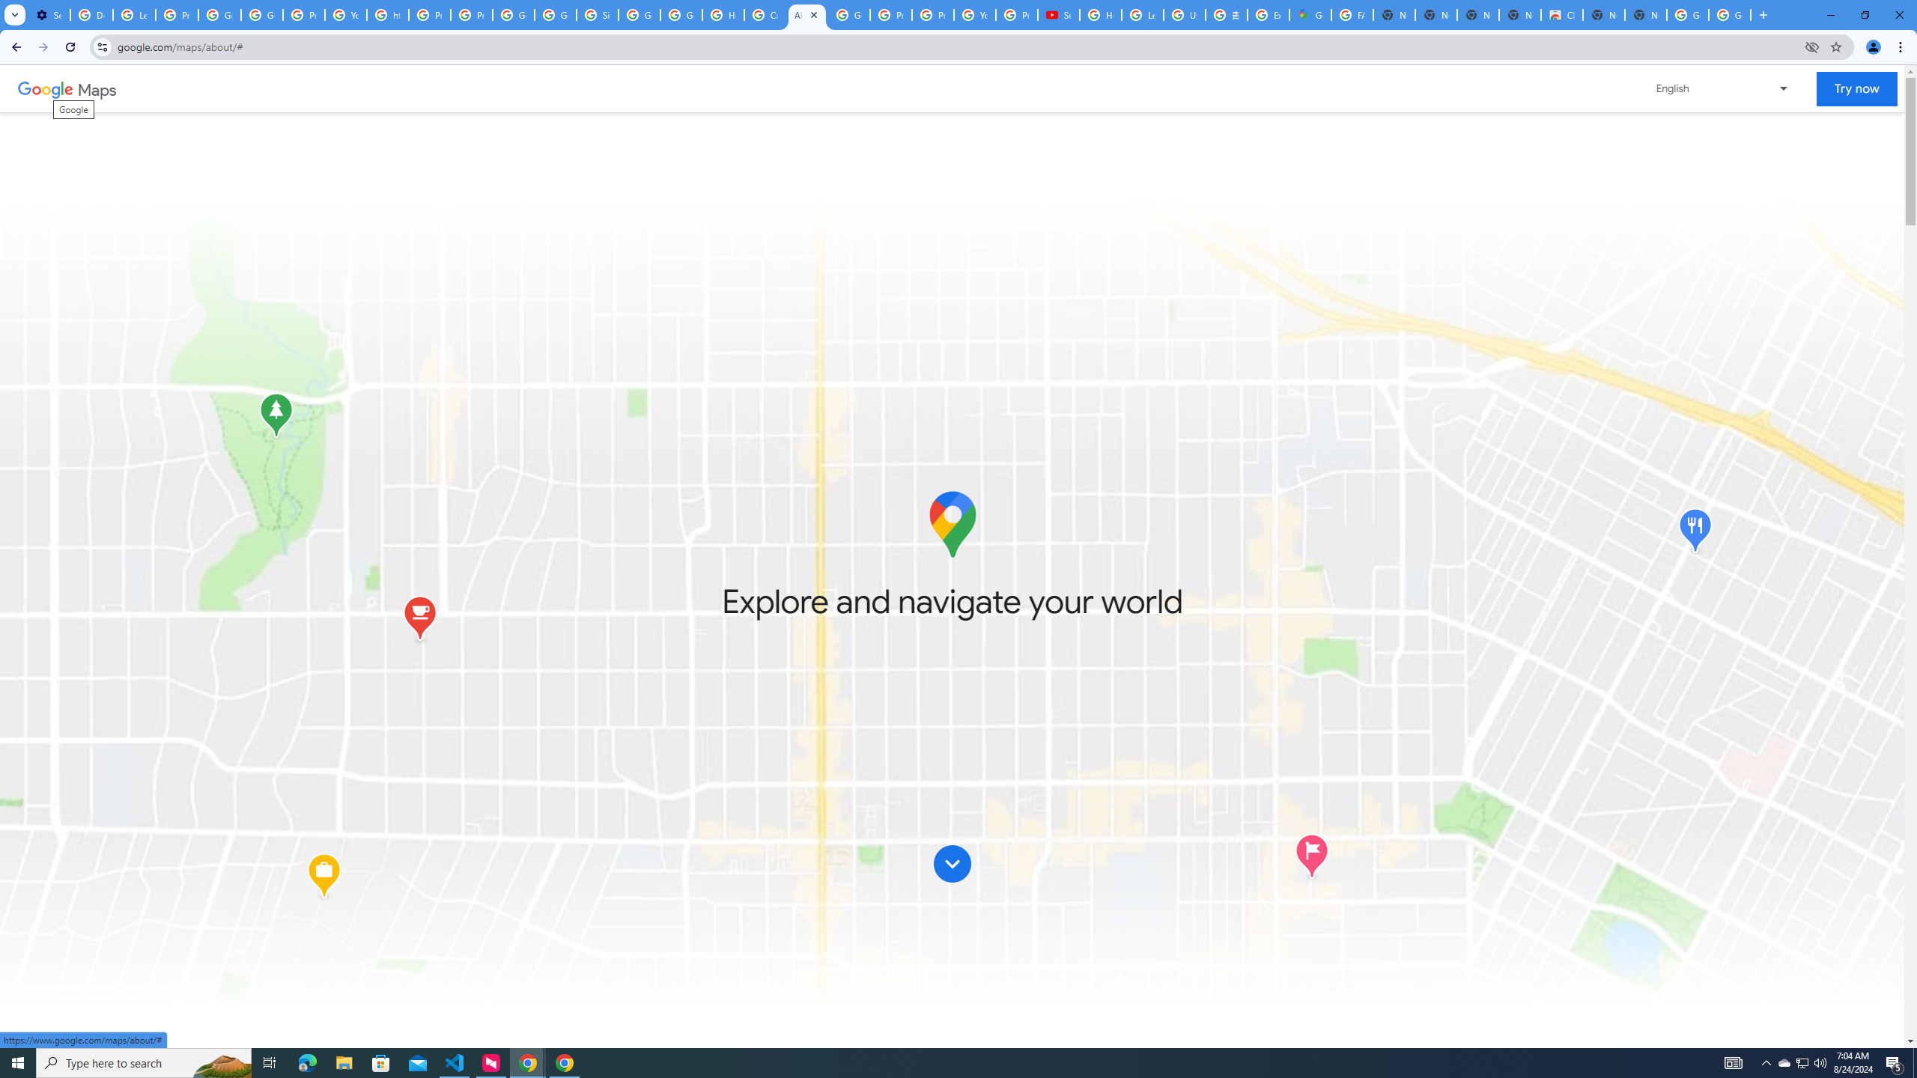 The width and height of the screenshot is (1917, 1078). I want to click on 'Explore new street-level details - Google Maps Help', so click(1267, 14).